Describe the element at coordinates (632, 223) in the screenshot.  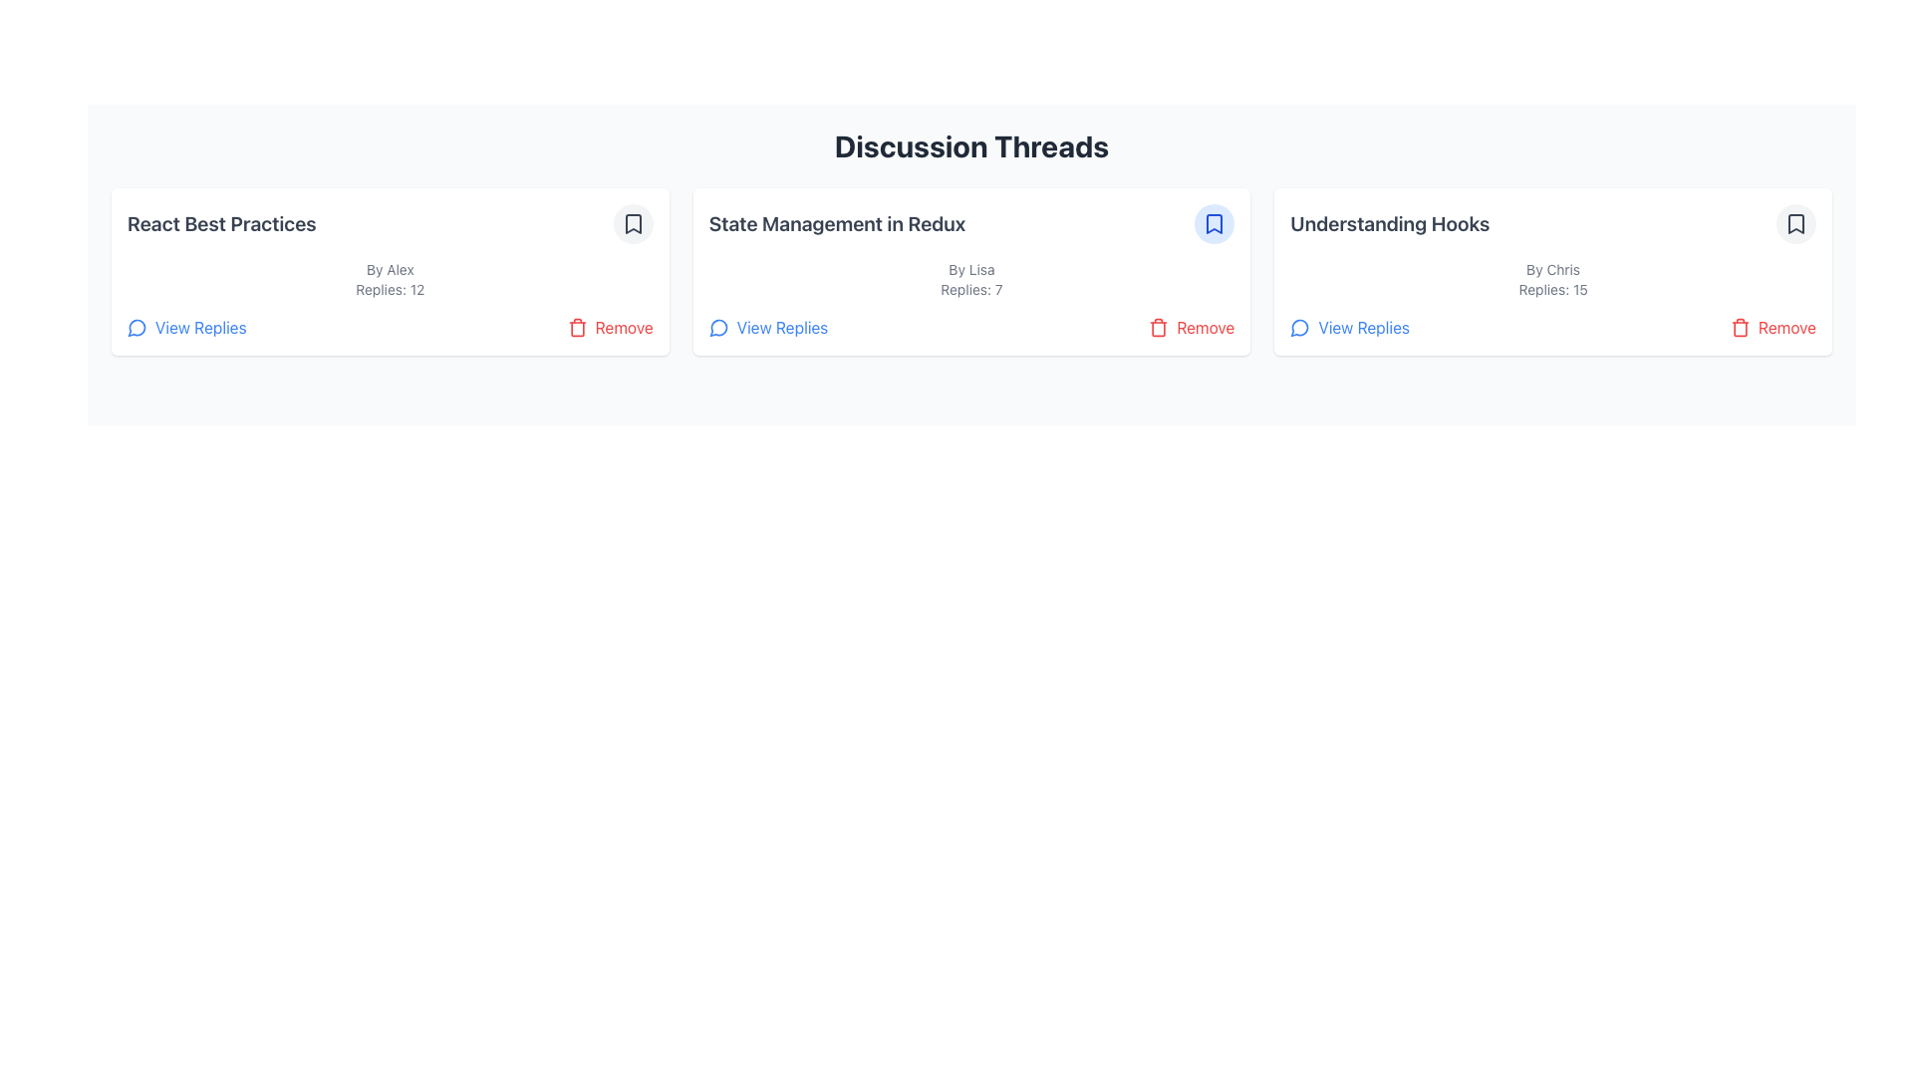
I see `the circular button with a light gray background and a dark gray bookmark icon, located at the top-right corner of the 'React Best Practices' card` at that location.